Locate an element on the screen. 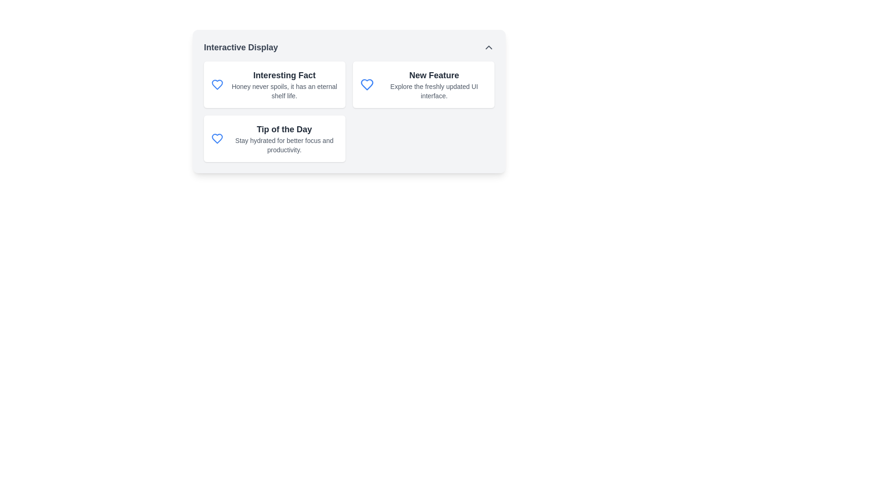  the visual representation of the first icon in the first card of the grid, located to the left of the bold text 'Interesting Fact' is located at coordinates (217, 84).